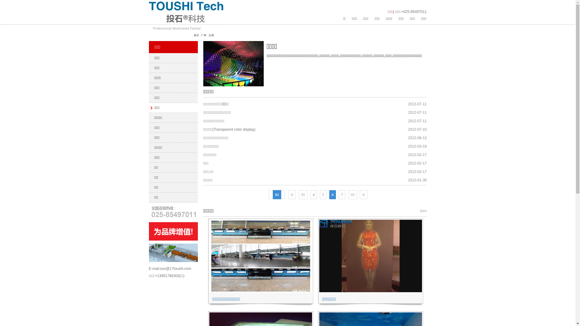 This screenshot has width=580, height=326. Describe the element at coordinates (342, 194) in the screenshot. I see `'7'` at that location.